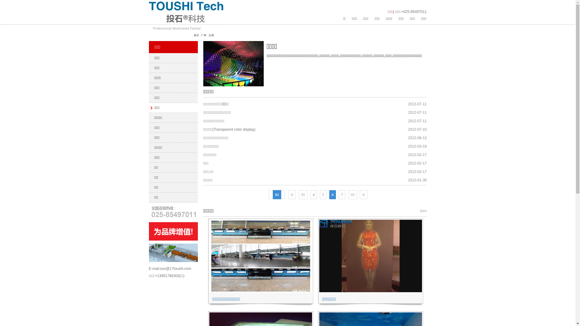 This screenshot has width=580, height=326. Describe the element at coordinates (342, 194) in the screenshot. I see `'7'` at that location.